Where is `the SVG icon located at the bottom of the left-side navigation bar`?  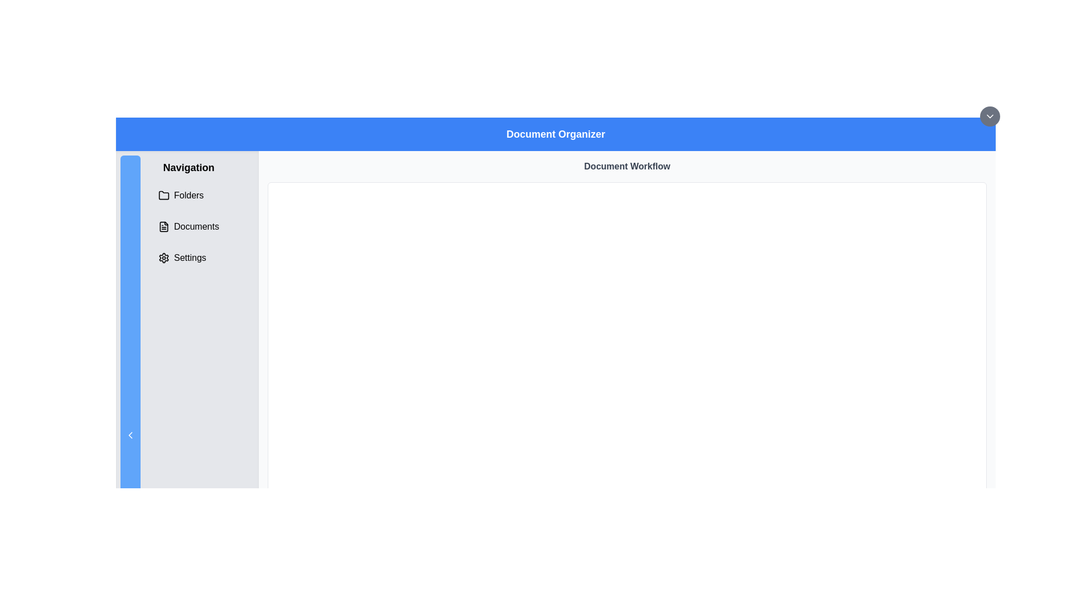
the SVG icon located at the bottom of the left-side navigation bar is located at coordinates (131, 434).